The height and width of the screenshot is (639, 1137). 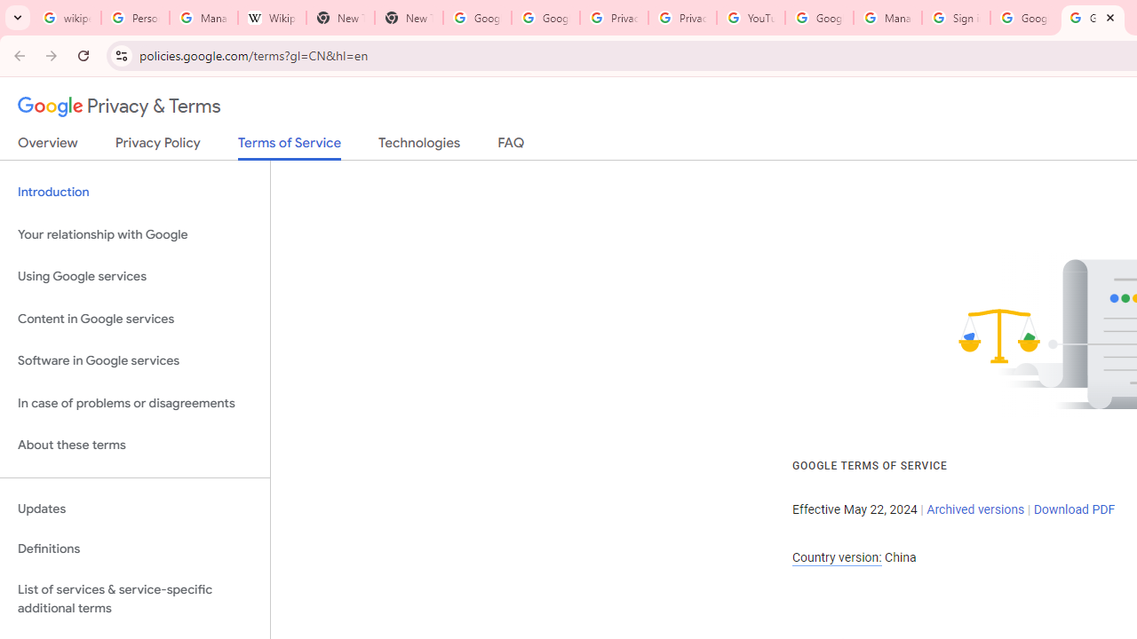 What do you see at coordinates (290, 146) in the screenshot?
I see `'Terms of Service'` at bounding box center [290, 146].